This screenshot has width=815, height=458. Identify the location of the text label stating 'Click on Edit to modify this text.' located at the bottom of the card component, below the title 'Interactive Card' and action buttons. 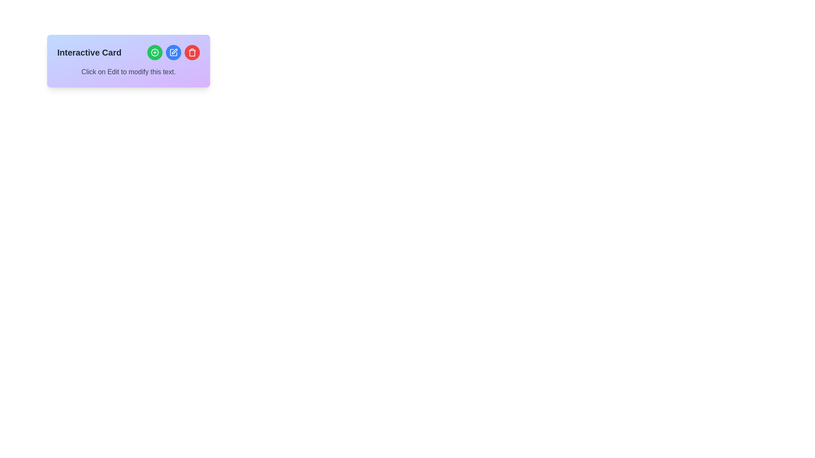
(128, 71).